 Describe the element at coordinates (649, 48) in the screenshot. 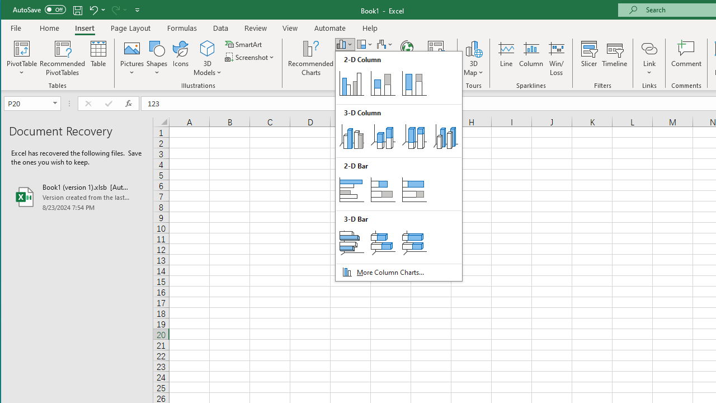

I see `'Link'` at that location.